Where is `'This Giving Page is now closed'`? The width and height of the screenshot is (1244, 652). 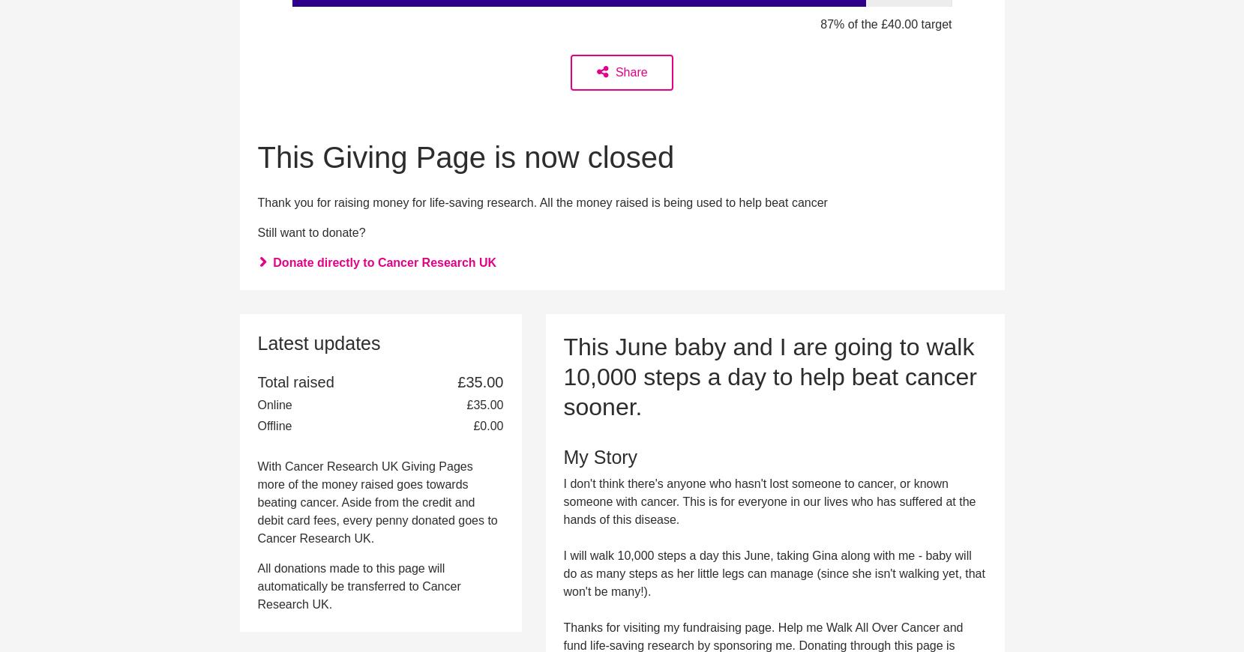
'This Giving Page is now closed' is located at coordinates (256, 155).